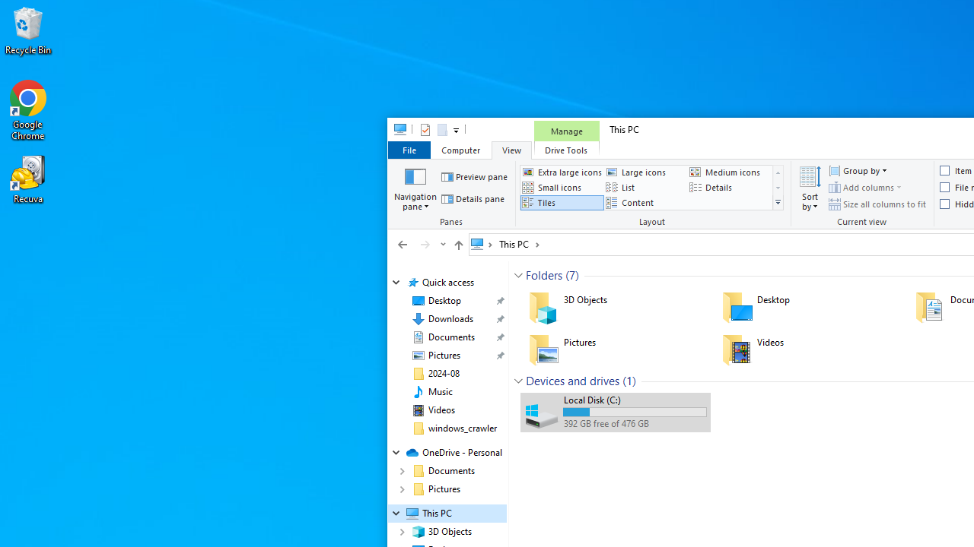  Describe the element at coordinates (420, 243) in the screenshot. I see `'Navigation buttons'` at that location.